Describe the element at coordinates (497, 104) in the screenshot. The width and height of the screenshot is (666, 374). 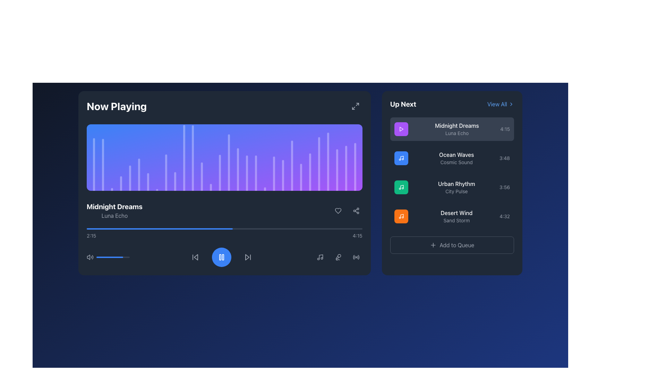
I see `the 'View All' text label located in the top-right corner of the 'Up Next' panel, styled with a blue font and associated with a right-facing chevron icon` at that location.